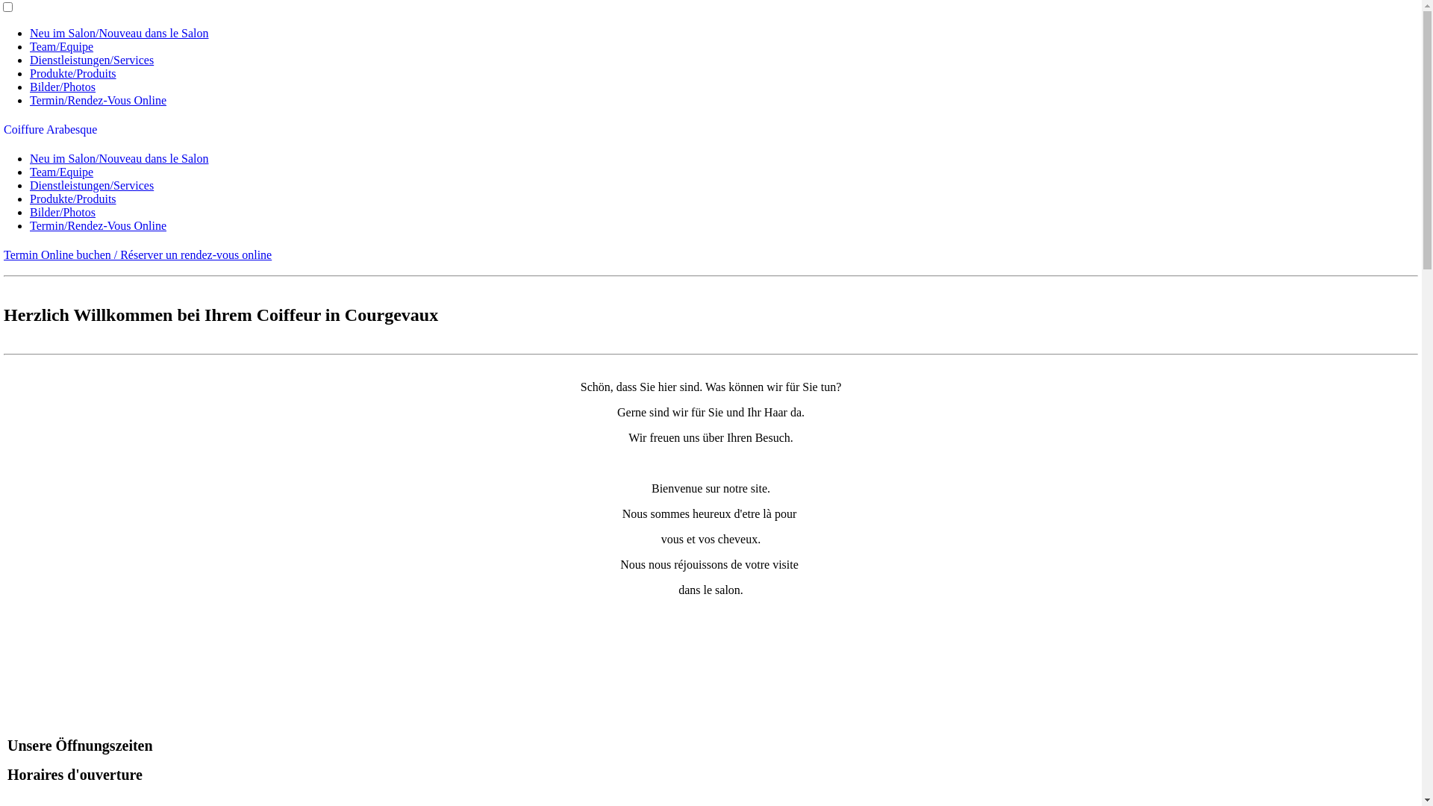 This screenshot has width=1433, height=806. What do you see at coordinates (97, 100) in the screenshot?
I see `'Termin/Rendez-Vous Online'` at bounding box center [97, 100].